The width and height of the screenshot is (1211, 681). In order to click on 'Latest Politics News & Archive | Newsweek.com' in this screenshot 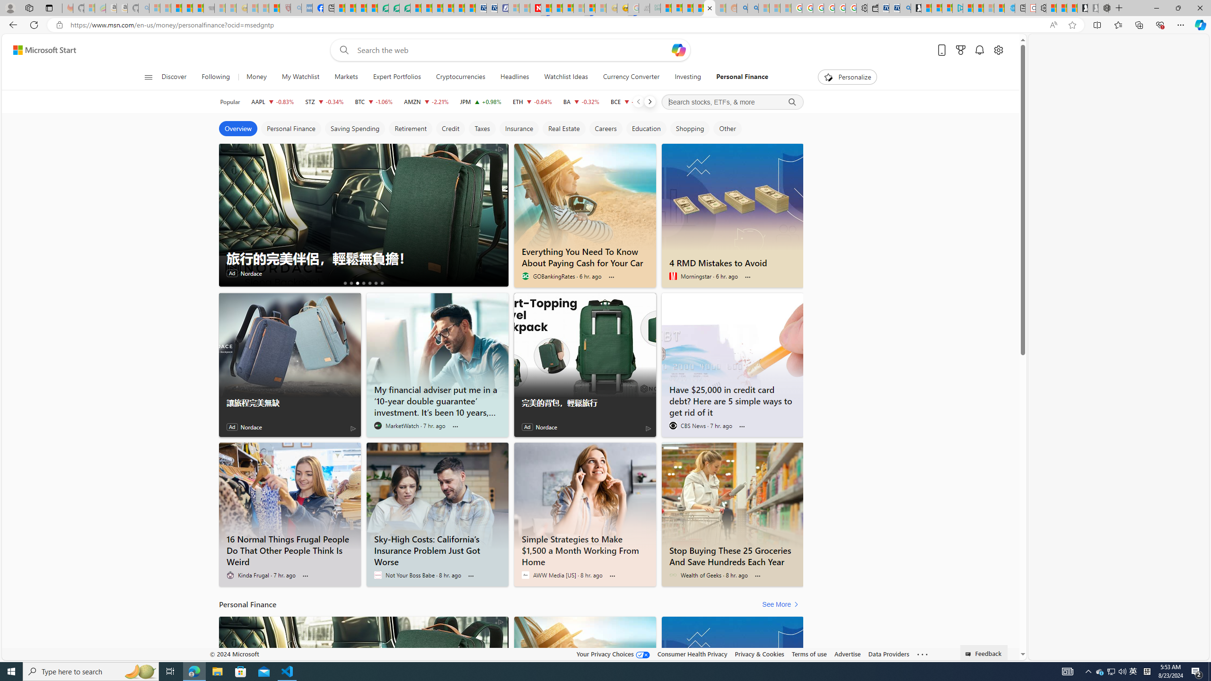, I will do `click(535, 8)`.